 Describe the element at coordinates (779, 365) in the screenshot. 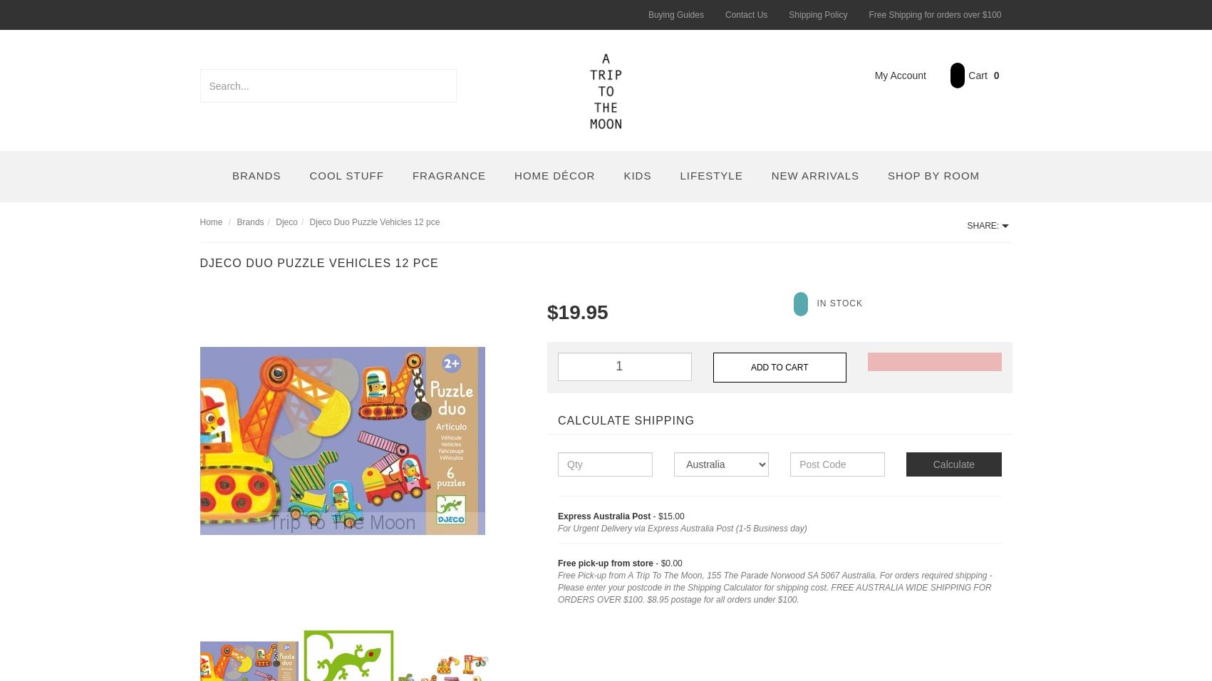

I see `'Add to Cart'` at that location.